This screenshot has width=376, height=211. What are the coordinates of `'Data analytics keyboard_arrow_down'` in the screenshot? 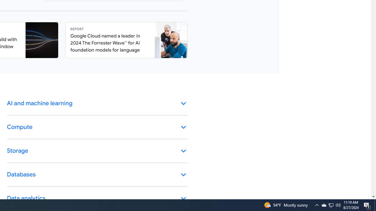 It's located at (97, 198).